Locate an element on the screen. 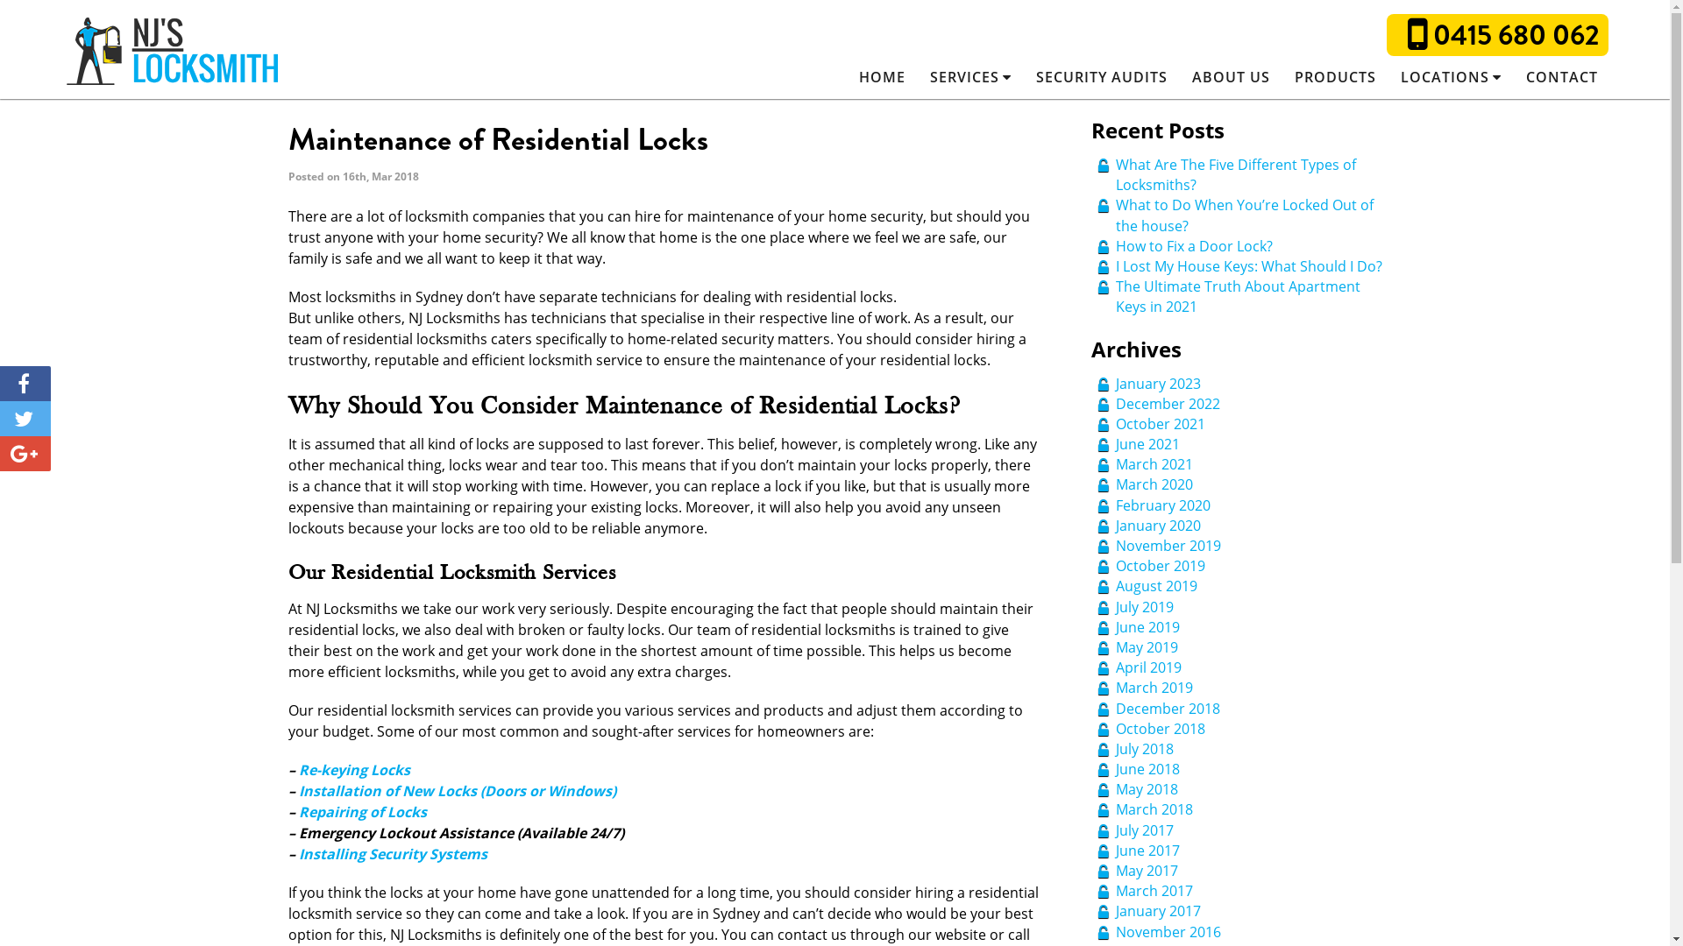 This screenshot has width=1683, height=946. 'NJ's Locksmiths Sydney' is located at coordinates (172, 51).